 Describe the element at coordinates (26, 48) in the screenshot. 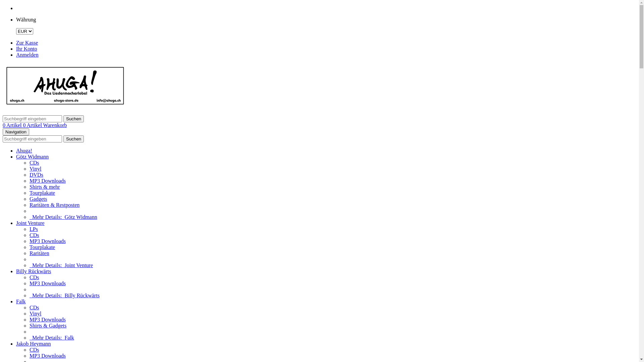

I see `'Ihr Konto'` at that location.